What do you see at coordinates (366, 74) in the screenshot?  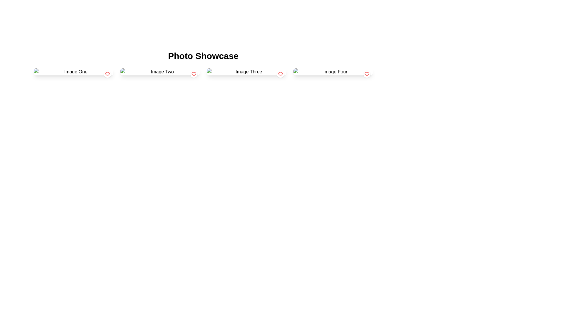 I see `the heart icon button to mark 'Image Four' as favorite` at bounding box center [366, 74].